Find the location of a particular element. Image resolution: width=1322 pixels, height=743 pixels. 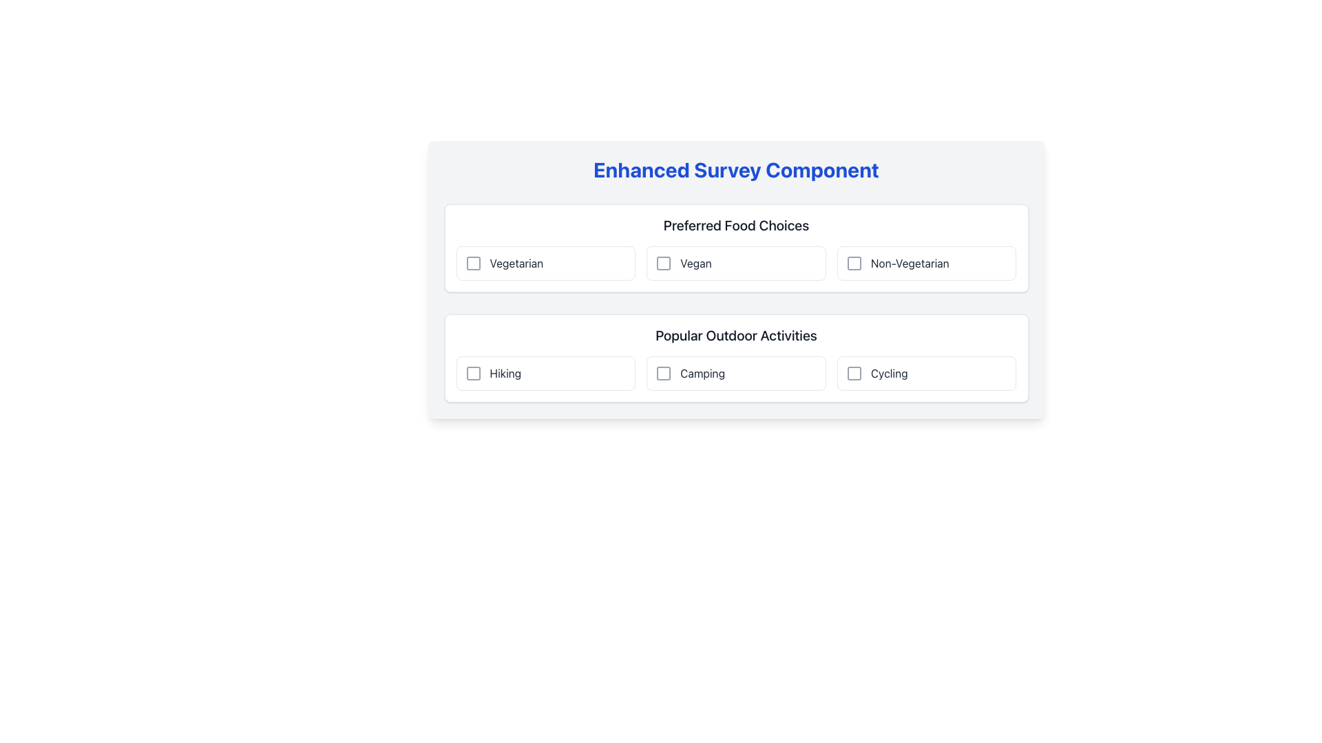

the square-shaped icon with checkbox functionality for the 'Non-Vegetarian' option is located at coordinates (853, 263).